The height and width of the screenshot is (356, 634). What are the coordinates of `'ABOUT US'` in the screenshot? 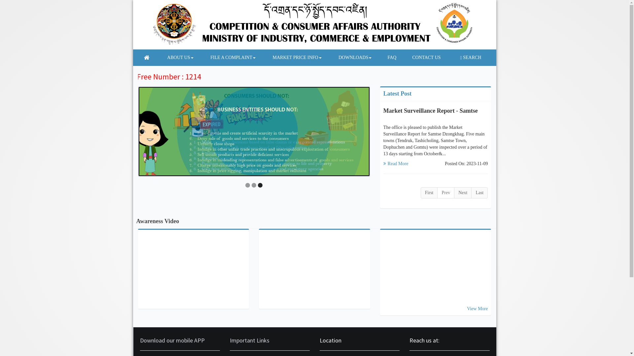 It's located at (155, 57).